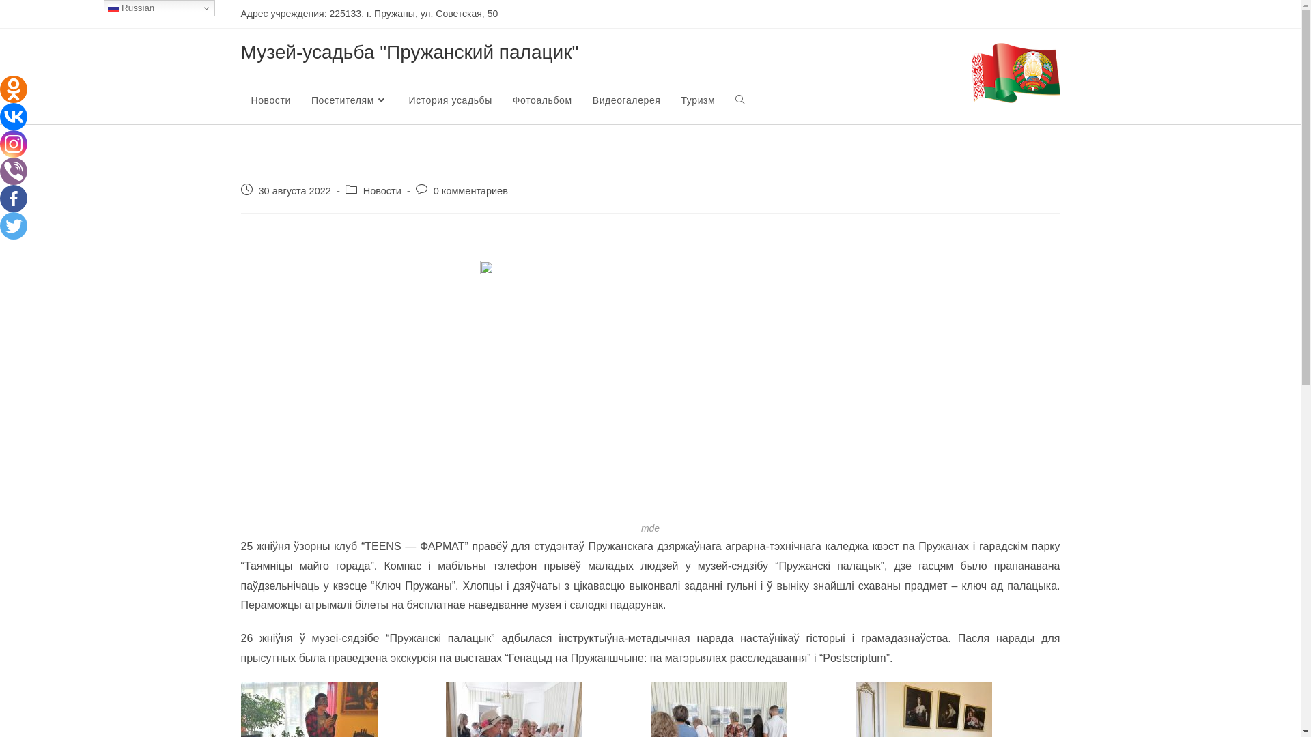 The height and width of the screenshot is (737, 1311). What do you see at coordinates (159, 8) in the screenshot?
I see `'Russian'` at bounding box center [159, 8].